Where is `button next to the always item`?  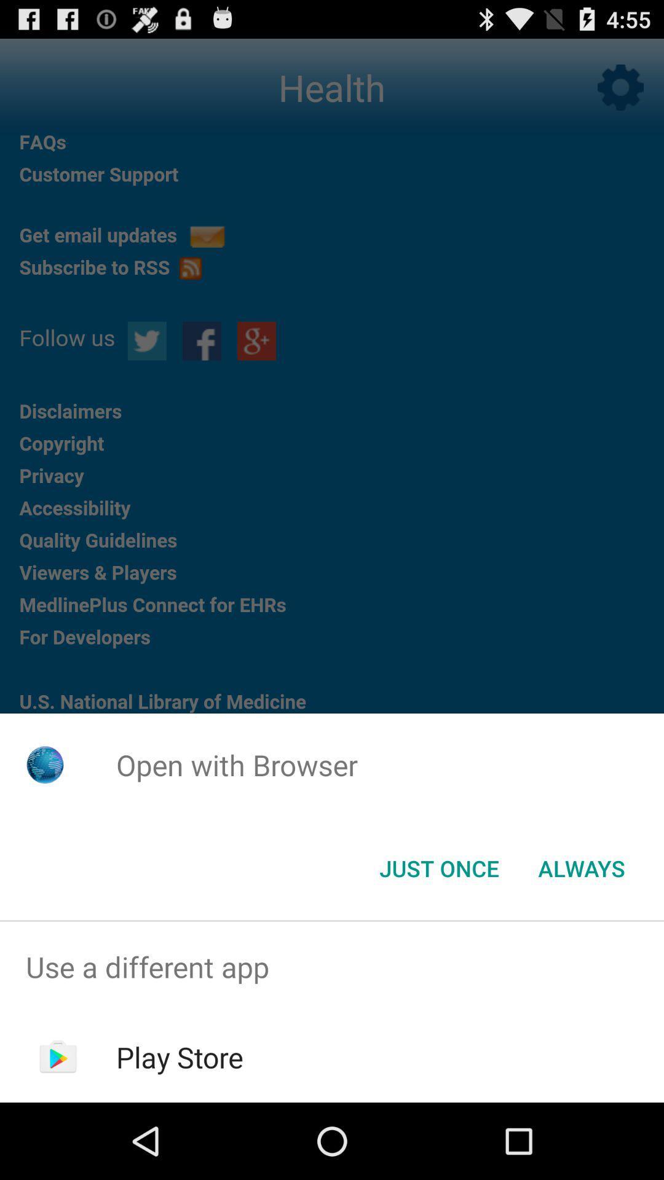 button next to the always item is located at coordinates (438, 867).